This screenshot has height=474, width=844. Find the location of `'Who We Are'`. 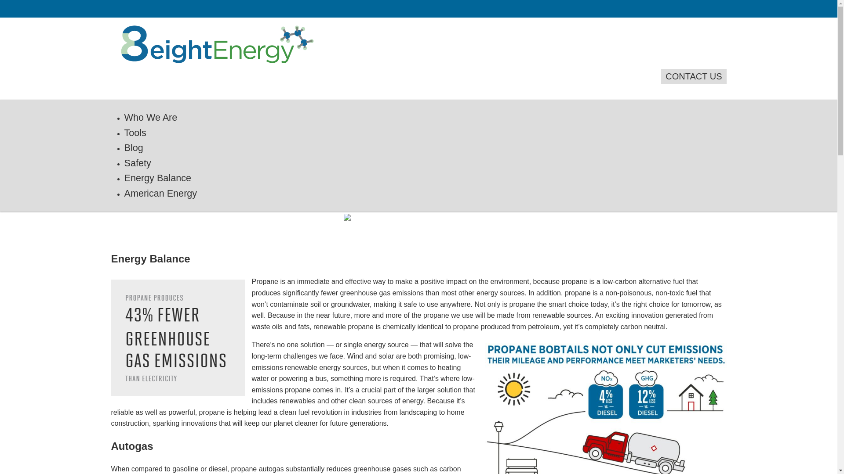

'Who We Are' is located at coordinates (150, 117).